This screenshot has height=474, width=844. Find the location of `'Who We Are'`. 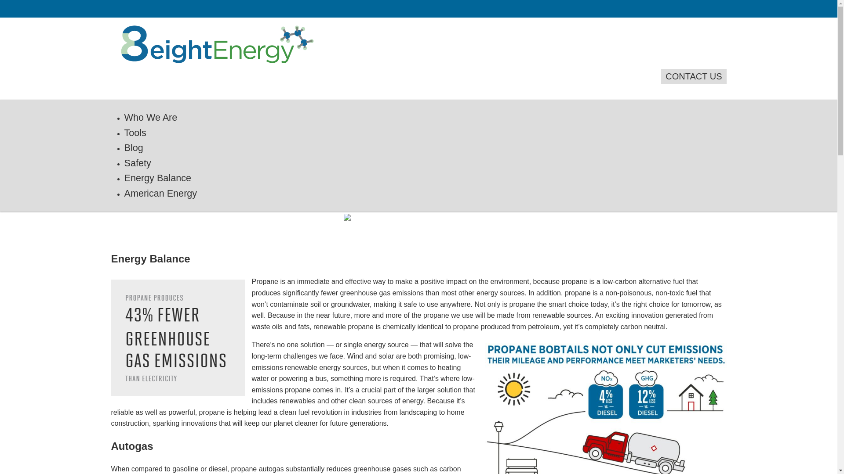

'Who We Are' is located at coordinates (150, 117).